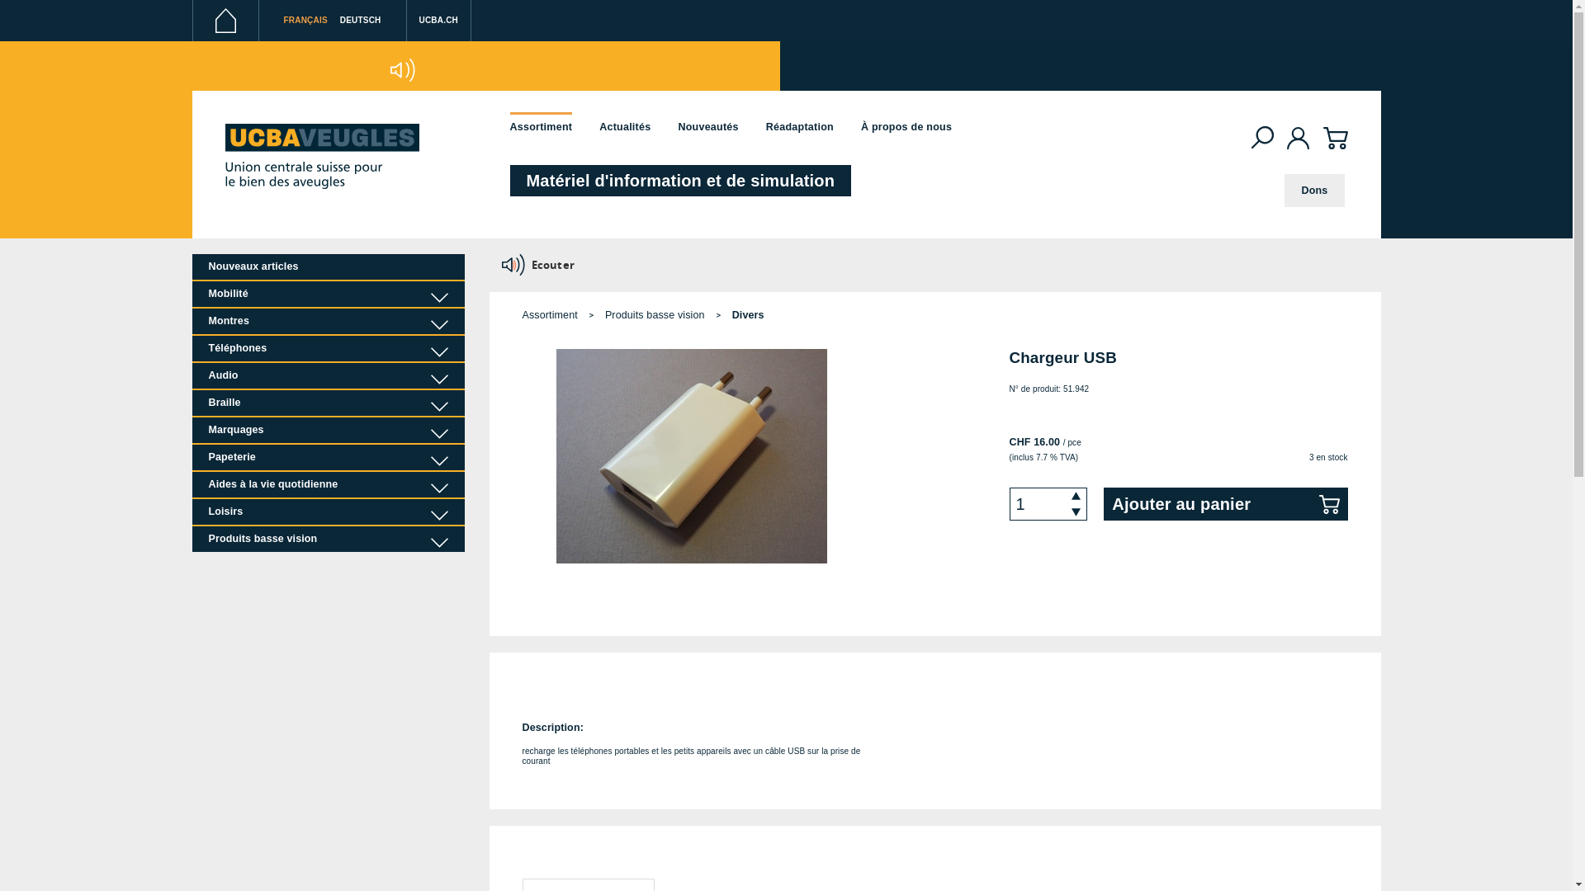  Describe the element at coordinates (328, 403) in the screenshot. I see `'Braille'` at that location.